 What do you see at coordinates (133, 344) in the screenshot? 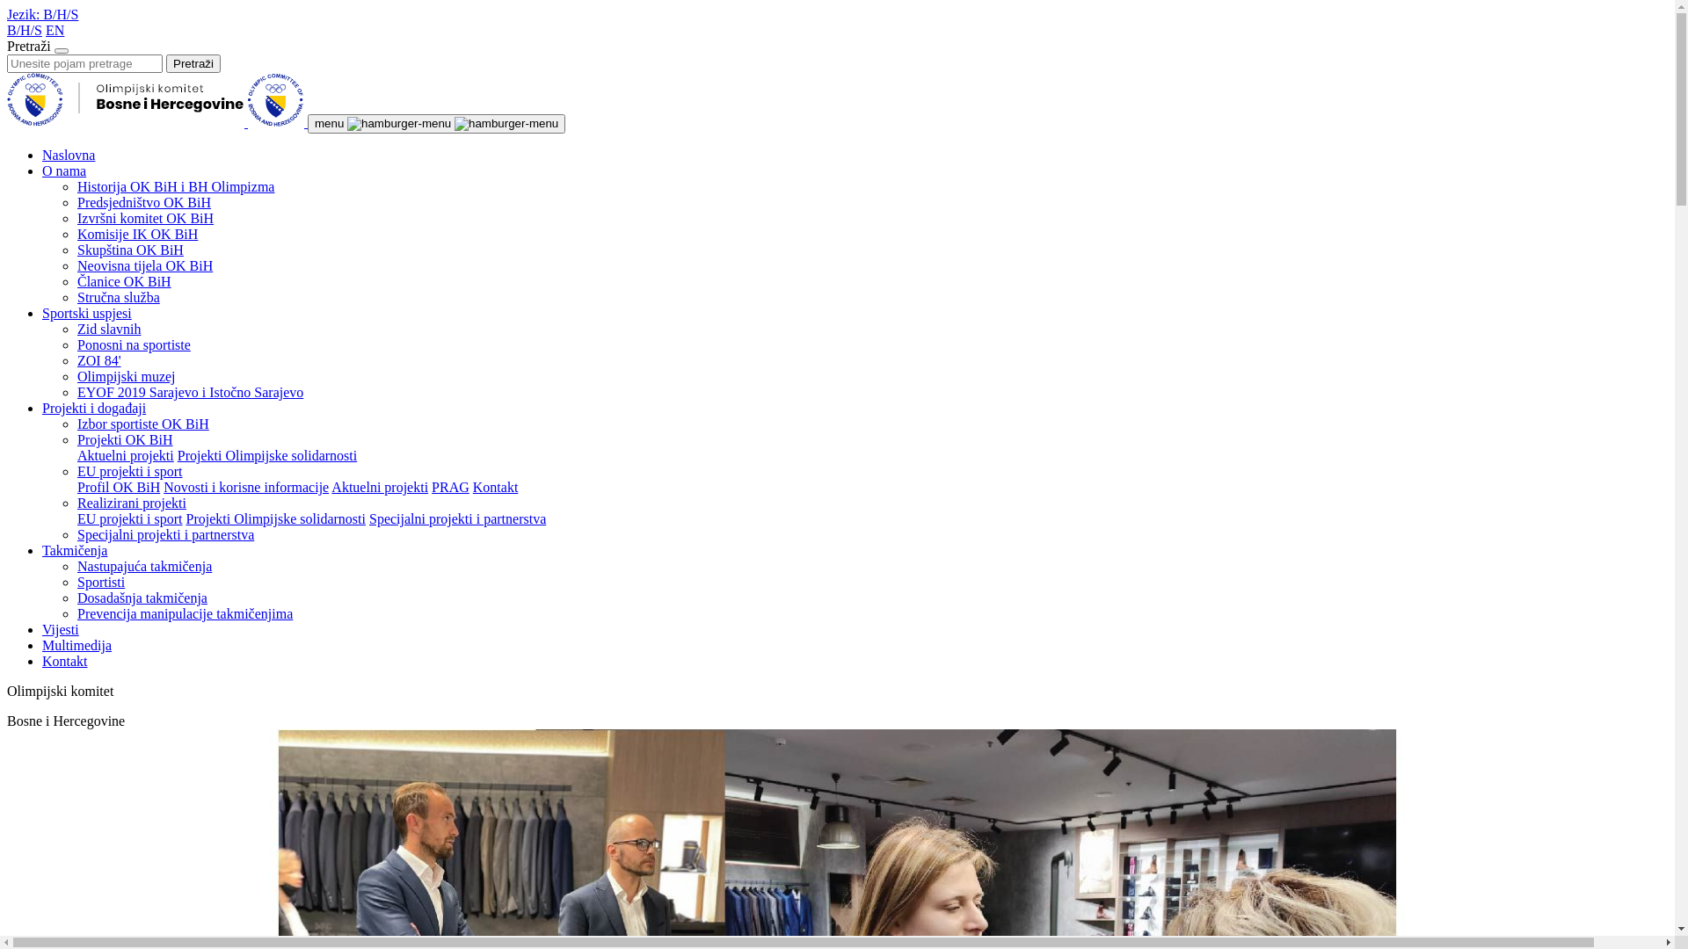
I see `'Ponosni na sportiste'` at bounding box center [133, 344].